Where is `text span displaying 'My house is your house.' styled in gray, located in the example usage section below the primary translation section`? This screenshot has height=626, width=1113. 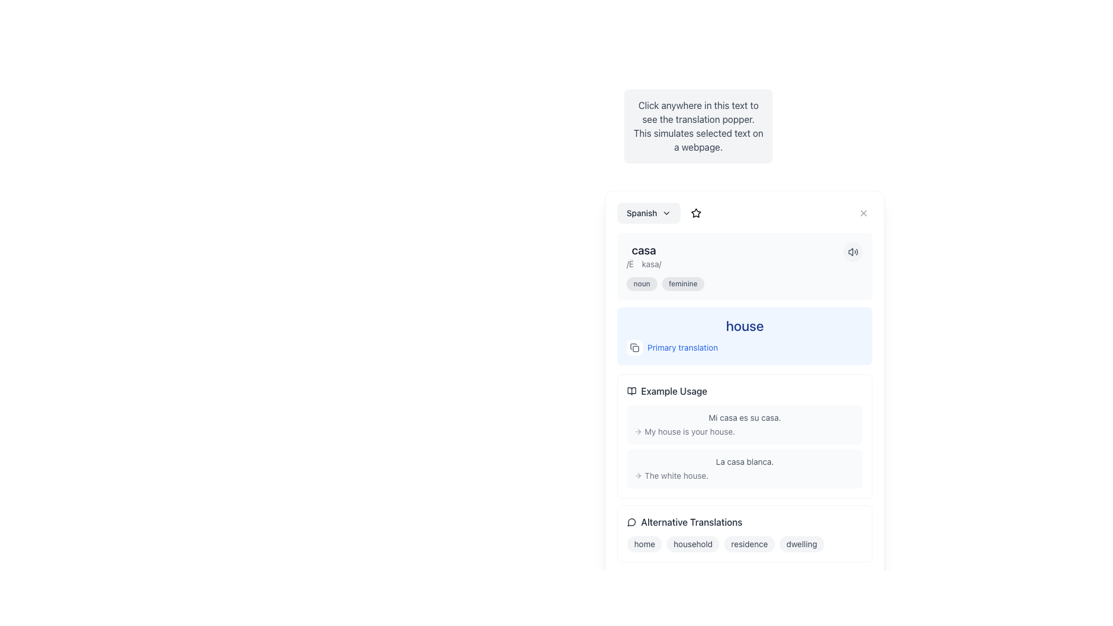
text span displaying 'My house is your house.' styled in gray, located in the example usage section below the primary translation section is located at coordinates (690, 431).